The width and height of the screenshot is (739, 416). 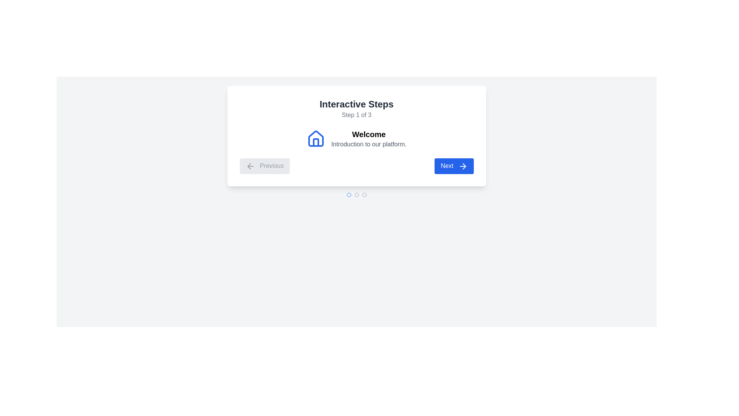 I want to click on the home icon located on the left side of the horizontally-centered panel, positioned above the text 'Welcome', so click(x=316, y=139).